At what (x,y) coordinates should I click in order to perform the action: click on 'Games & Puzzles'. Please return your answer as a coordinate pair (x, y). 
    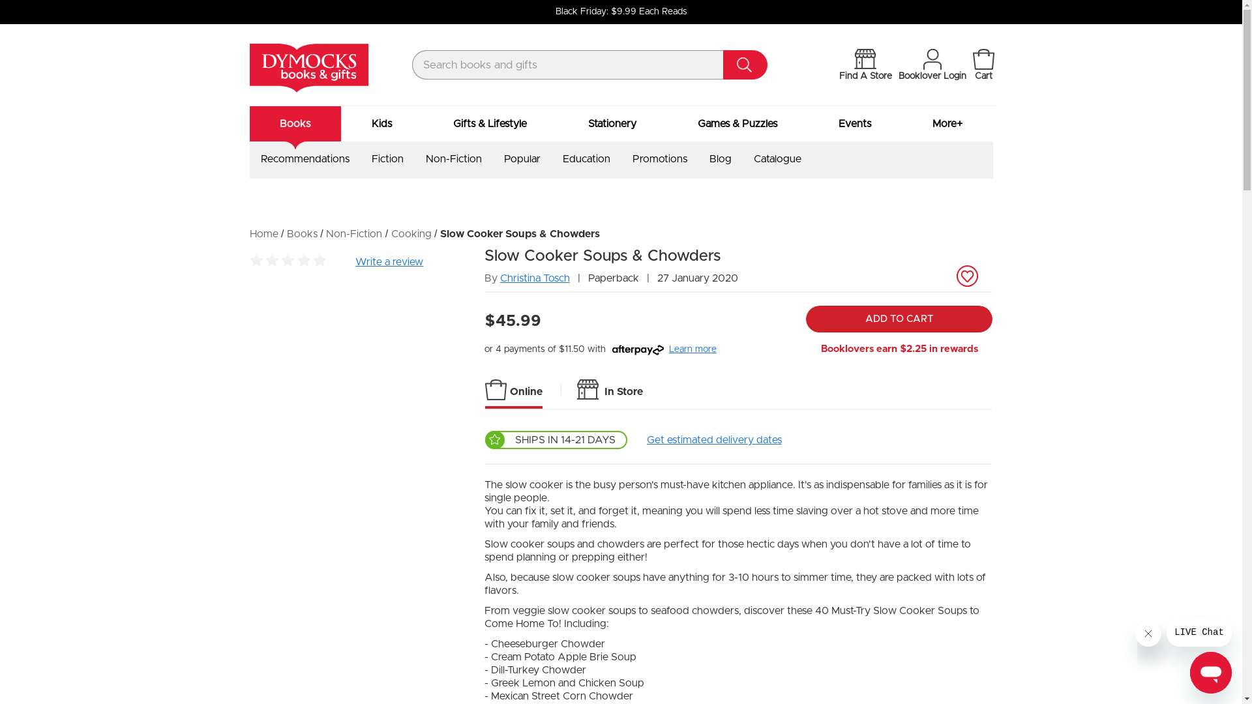
    Looking at the image, I should click on (738, 123).